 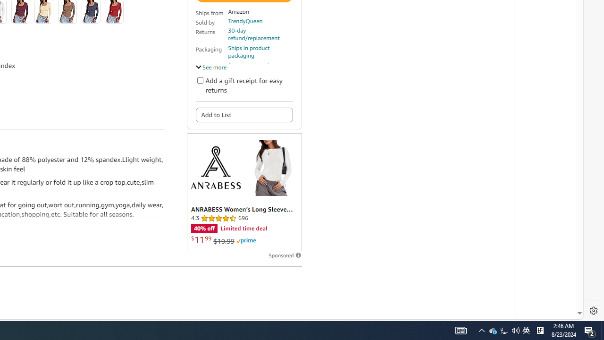 I want to click on 'TrendyQueen', so click(x=245, y=21).